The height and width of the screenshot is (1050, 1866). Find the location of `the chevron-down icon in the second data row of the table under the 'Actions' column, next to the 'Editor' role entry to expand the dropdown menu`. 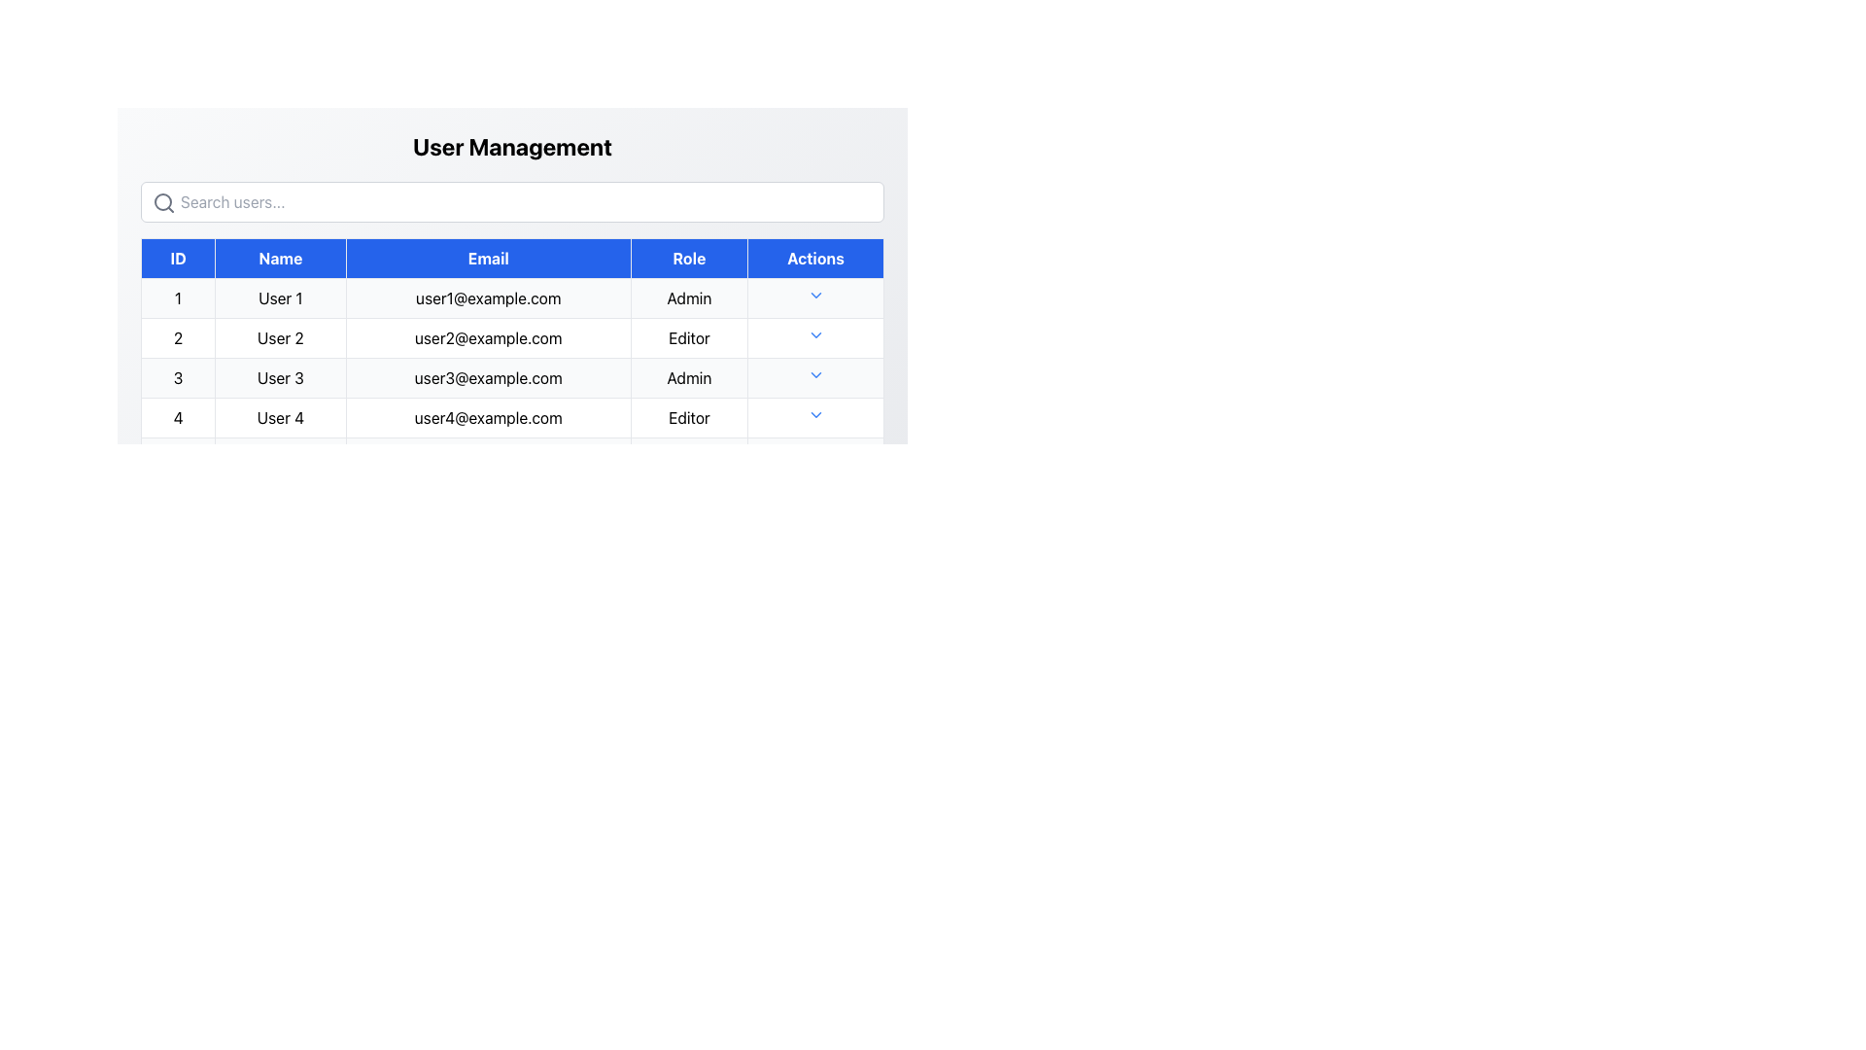

the chevron-down icon in the second data row of the table under the 'Actions' column, next to the 'Editor' role entry to expand the dropdown menu is located at coordinates (815, 333).